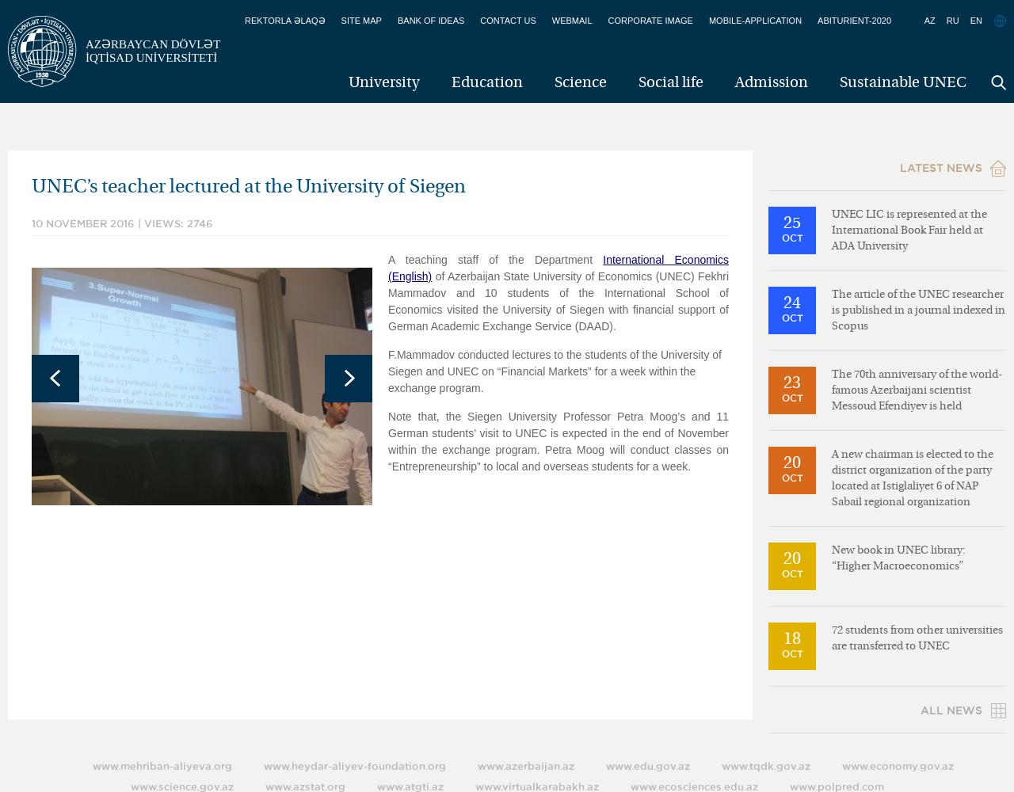 The image size is (1014, 792). I want to click on 'Social life', so click(670, 82).